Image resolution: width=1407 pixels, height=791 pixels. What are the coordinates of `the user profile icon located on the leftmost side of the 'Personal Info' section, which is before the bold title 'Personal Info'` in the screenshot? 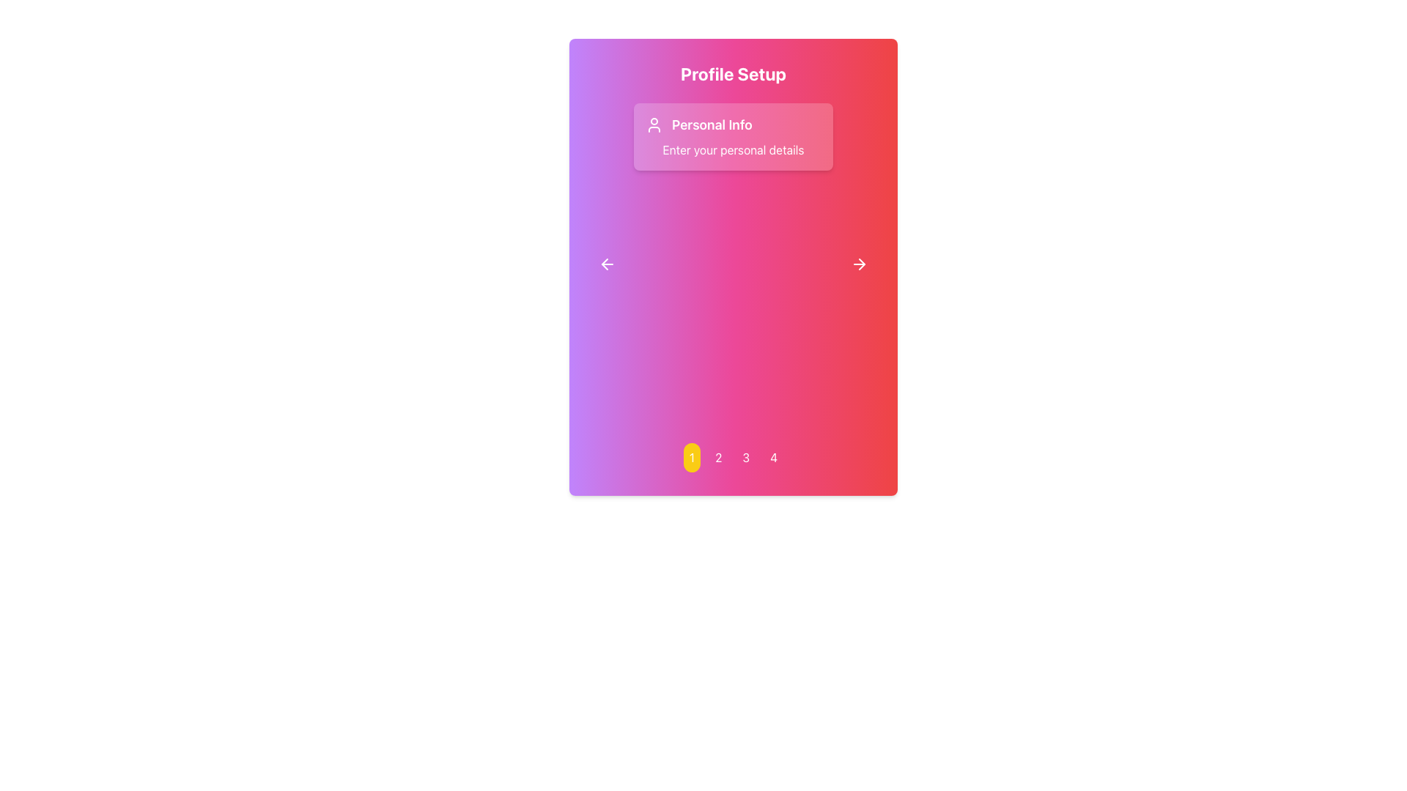 It's located at (653, 124).